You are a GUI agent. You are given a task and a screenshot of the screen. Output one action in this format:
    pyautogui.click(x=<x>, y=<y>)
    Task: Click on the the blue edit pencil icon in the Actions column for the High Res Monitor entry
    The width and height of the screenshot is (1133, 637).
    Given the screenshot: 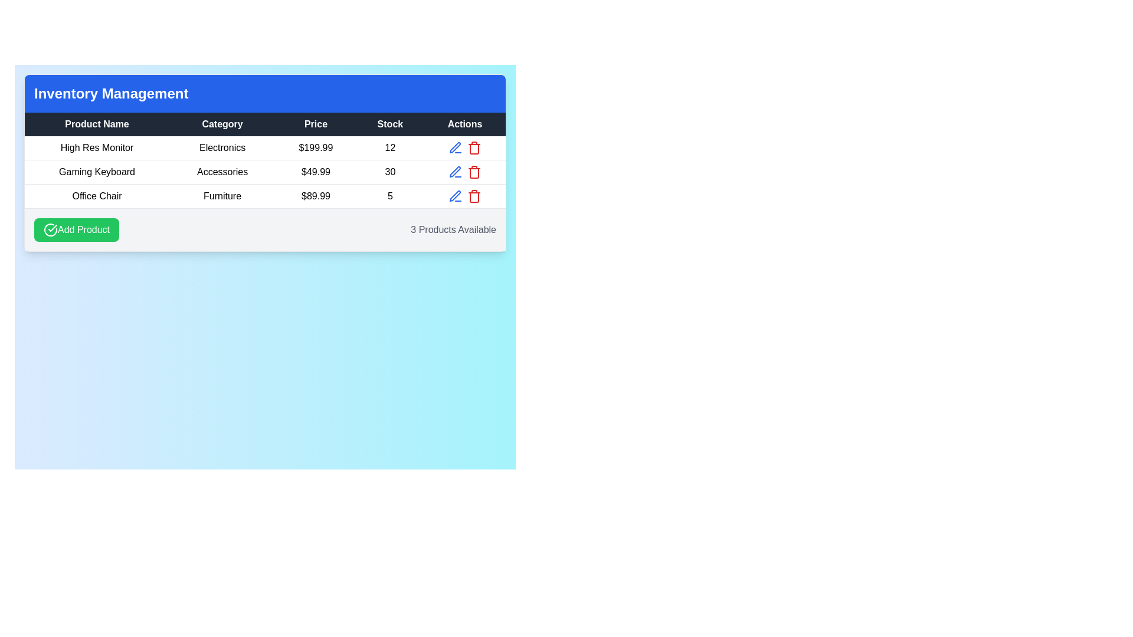 What is the action you would take?
    pyautogui.click(x=464, y=147)
    